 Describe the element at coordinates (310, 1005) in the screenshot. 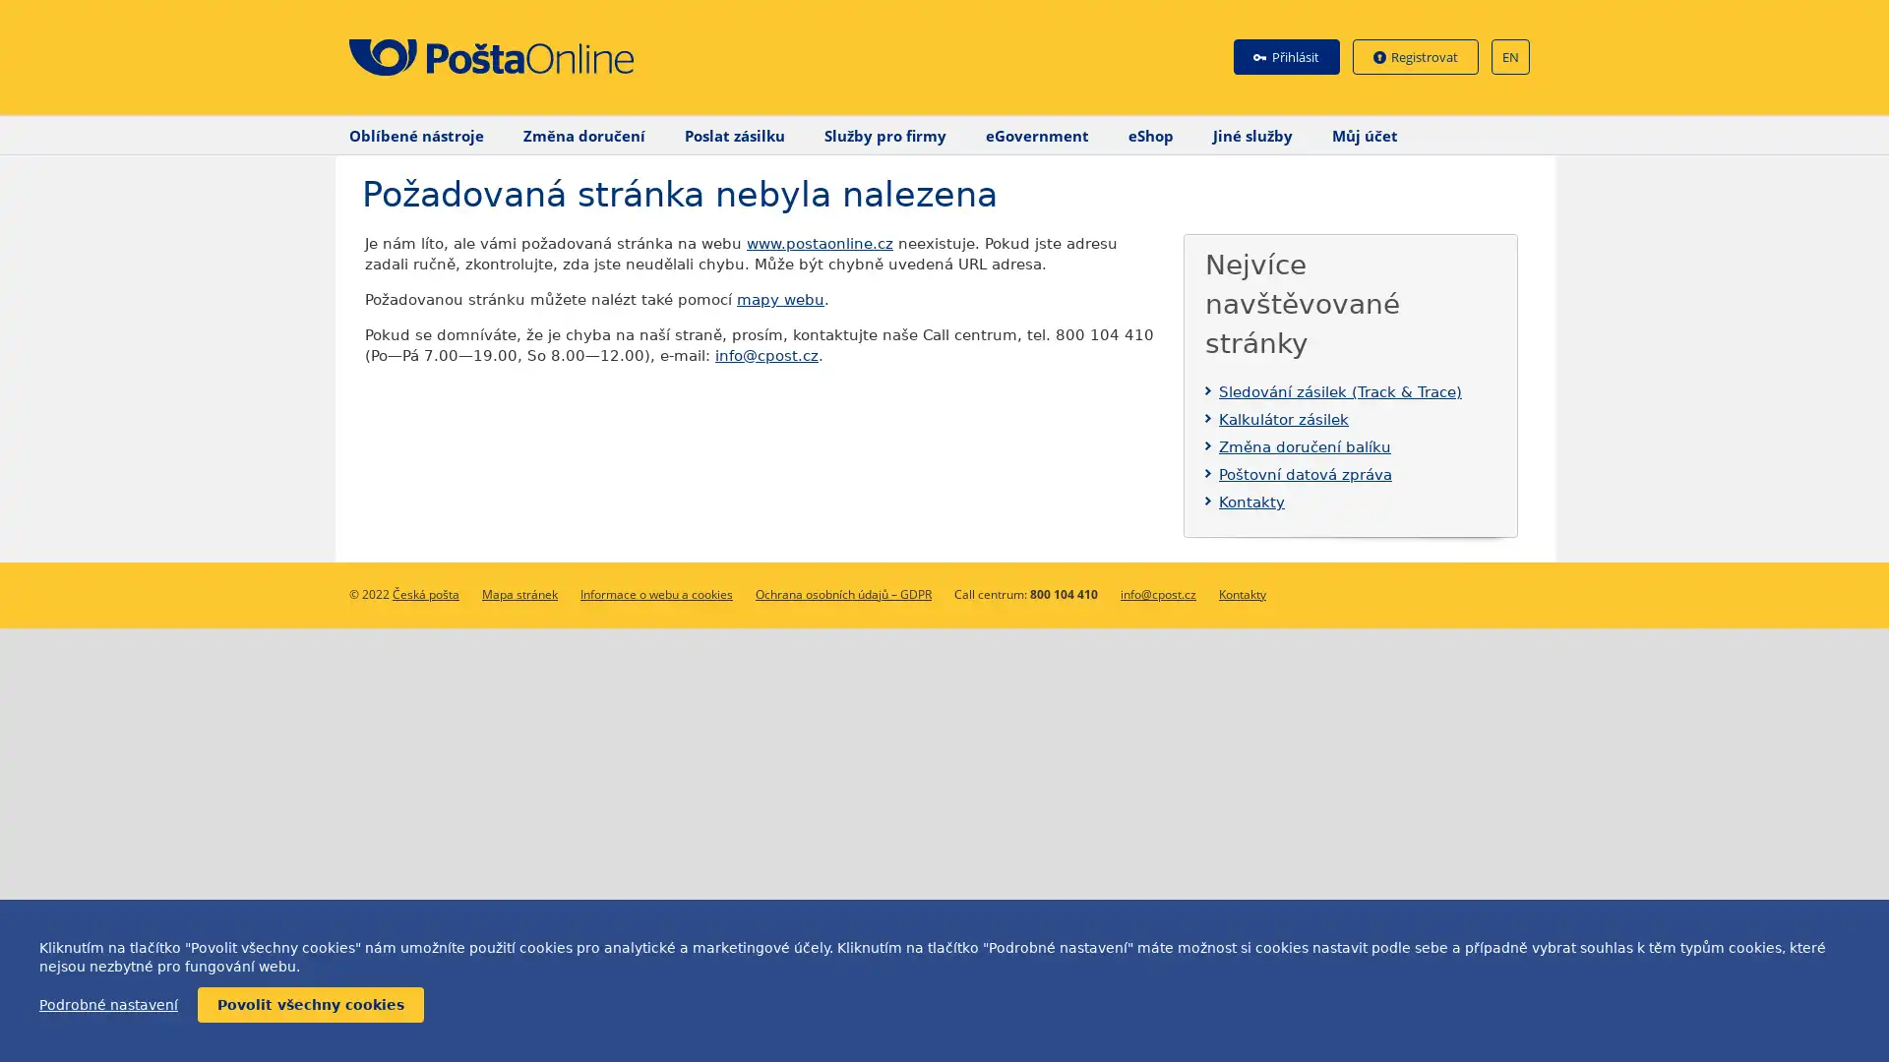

I see `Povolit vsechny cookies` at that location.